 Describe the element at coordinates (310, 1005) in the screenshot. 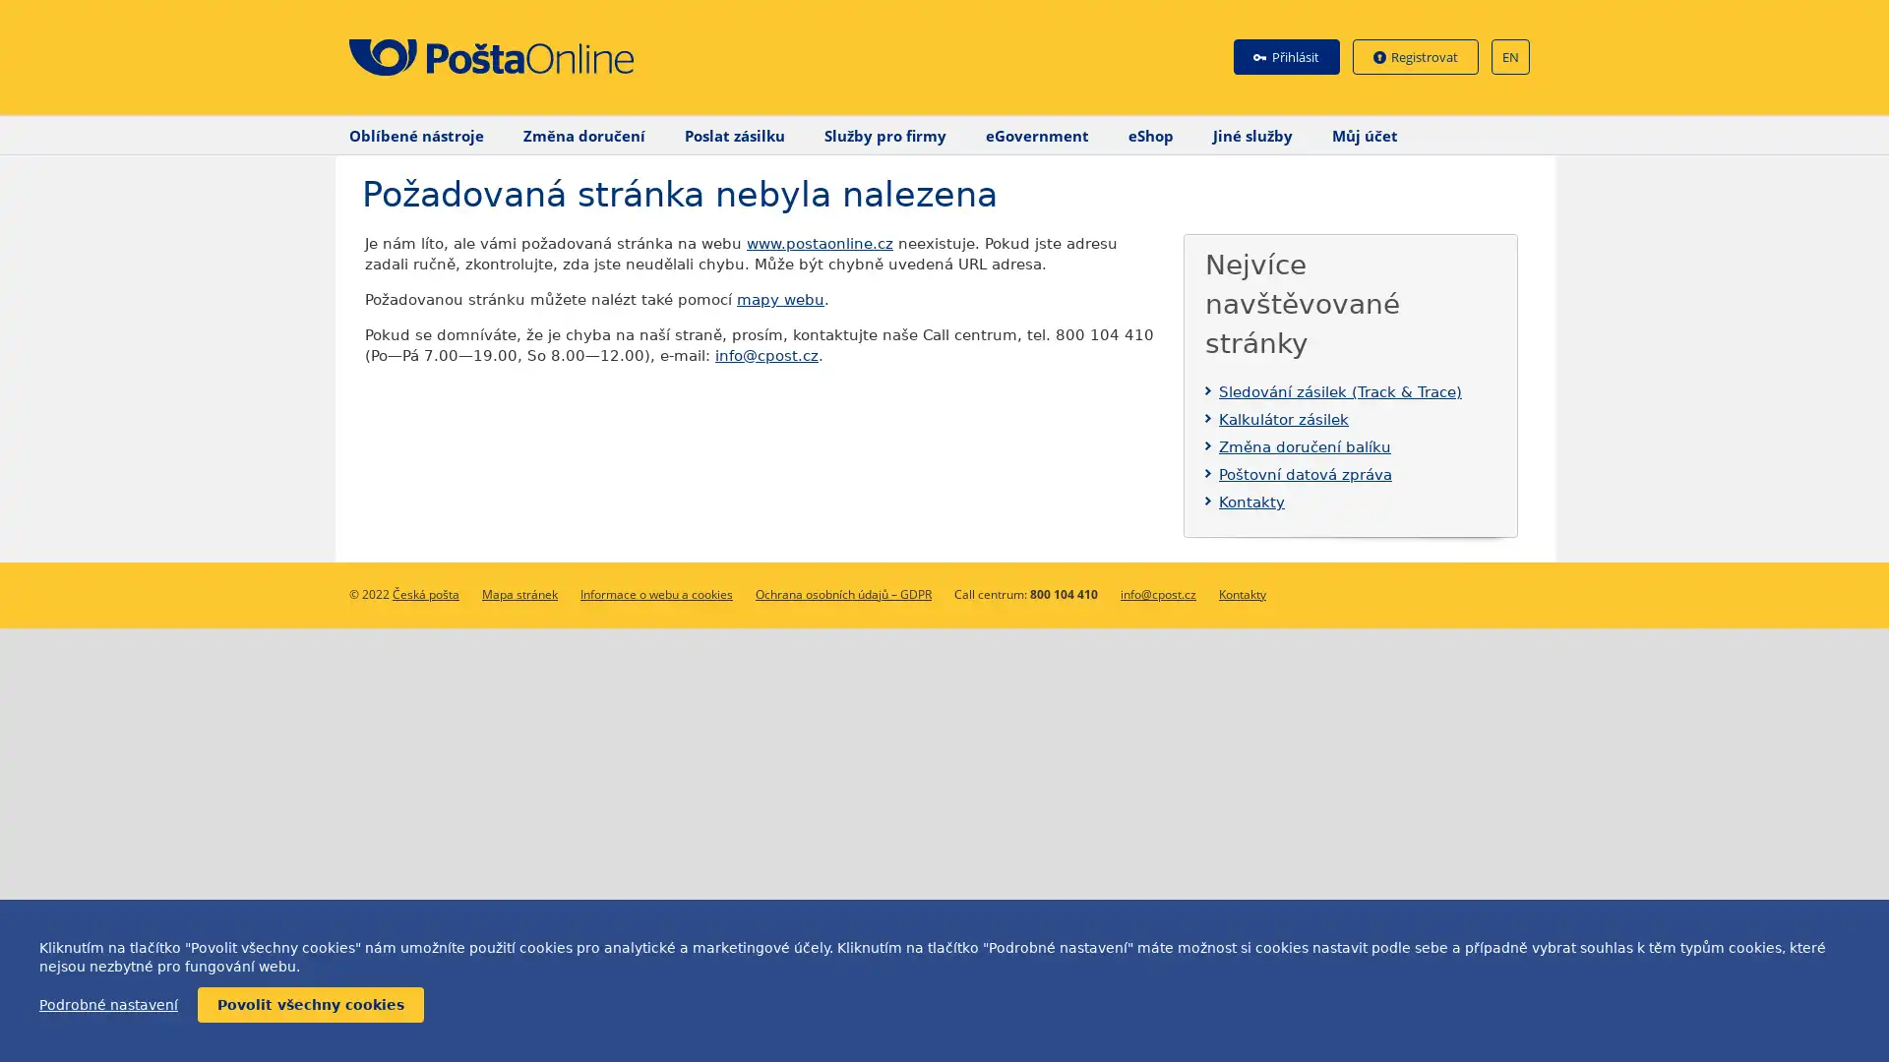

I see `Povolit vsechny cookies` at that location.